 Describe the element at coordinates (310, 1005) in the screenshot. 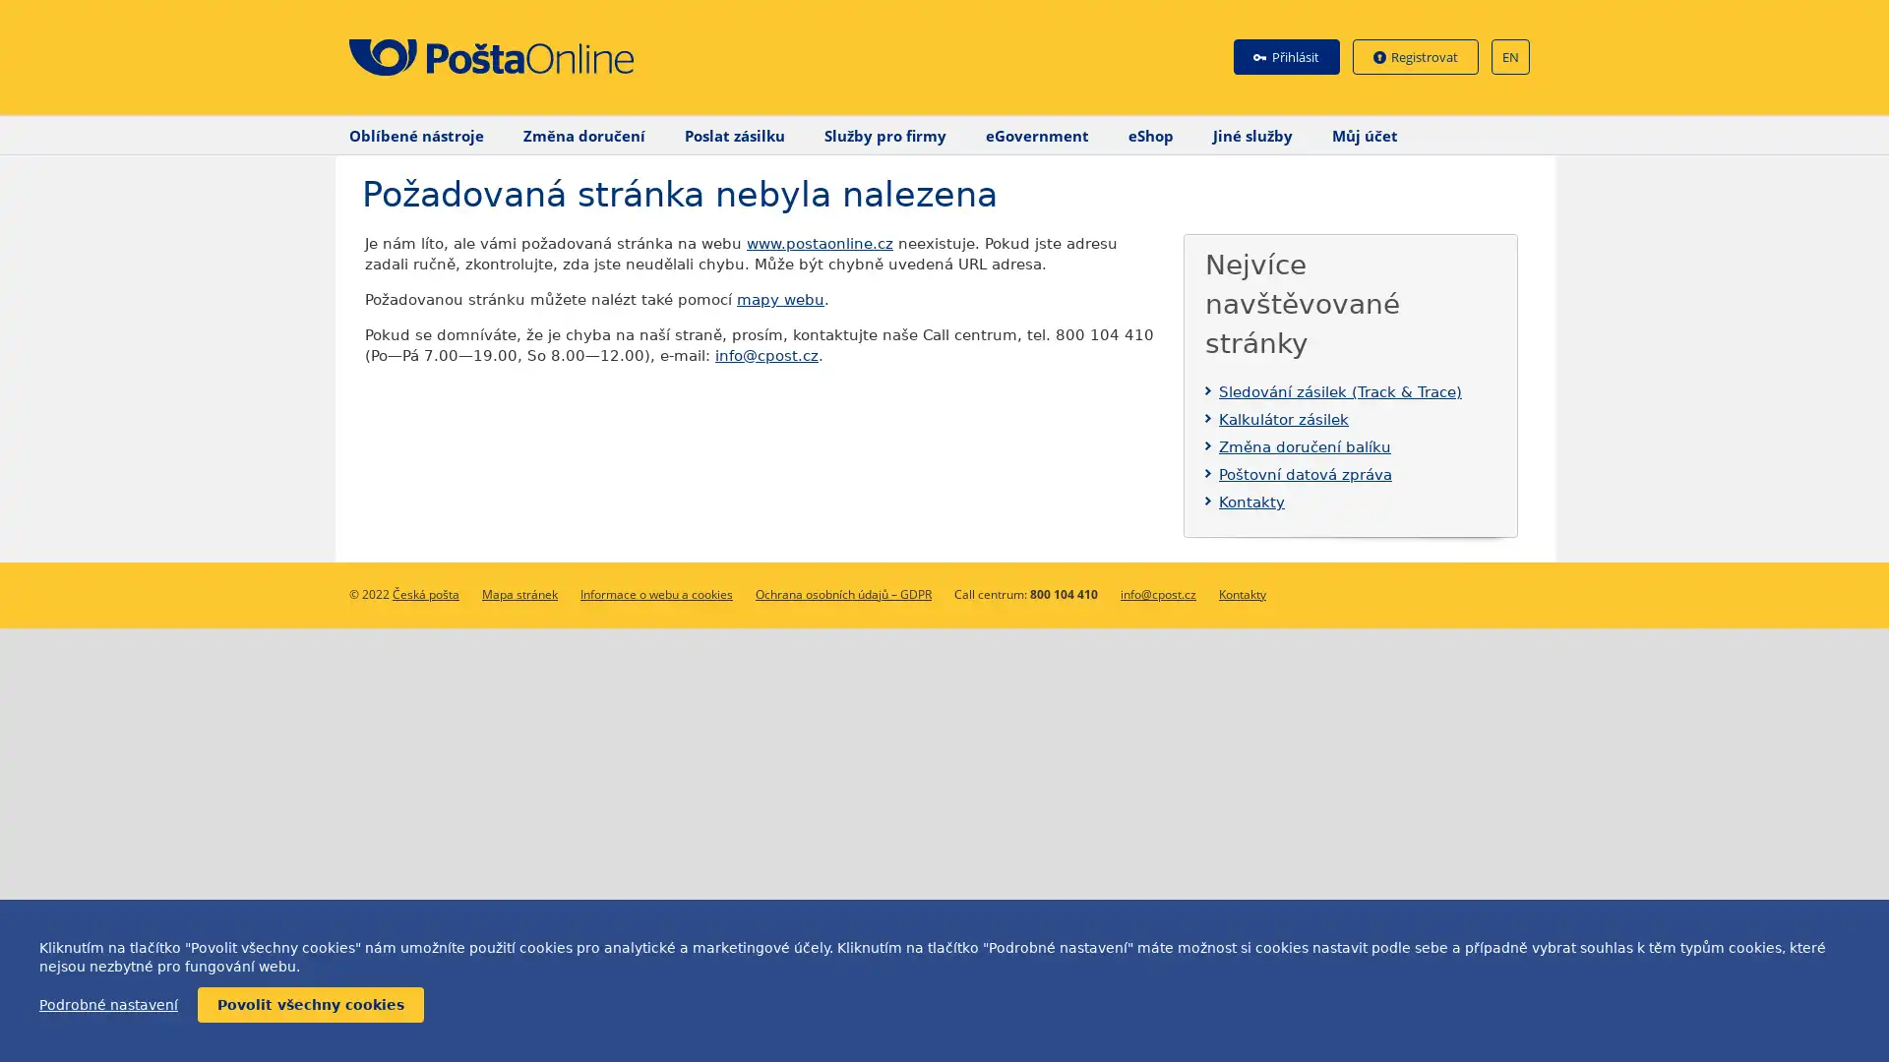

I see `Povolit vsechny cookies` at that location.